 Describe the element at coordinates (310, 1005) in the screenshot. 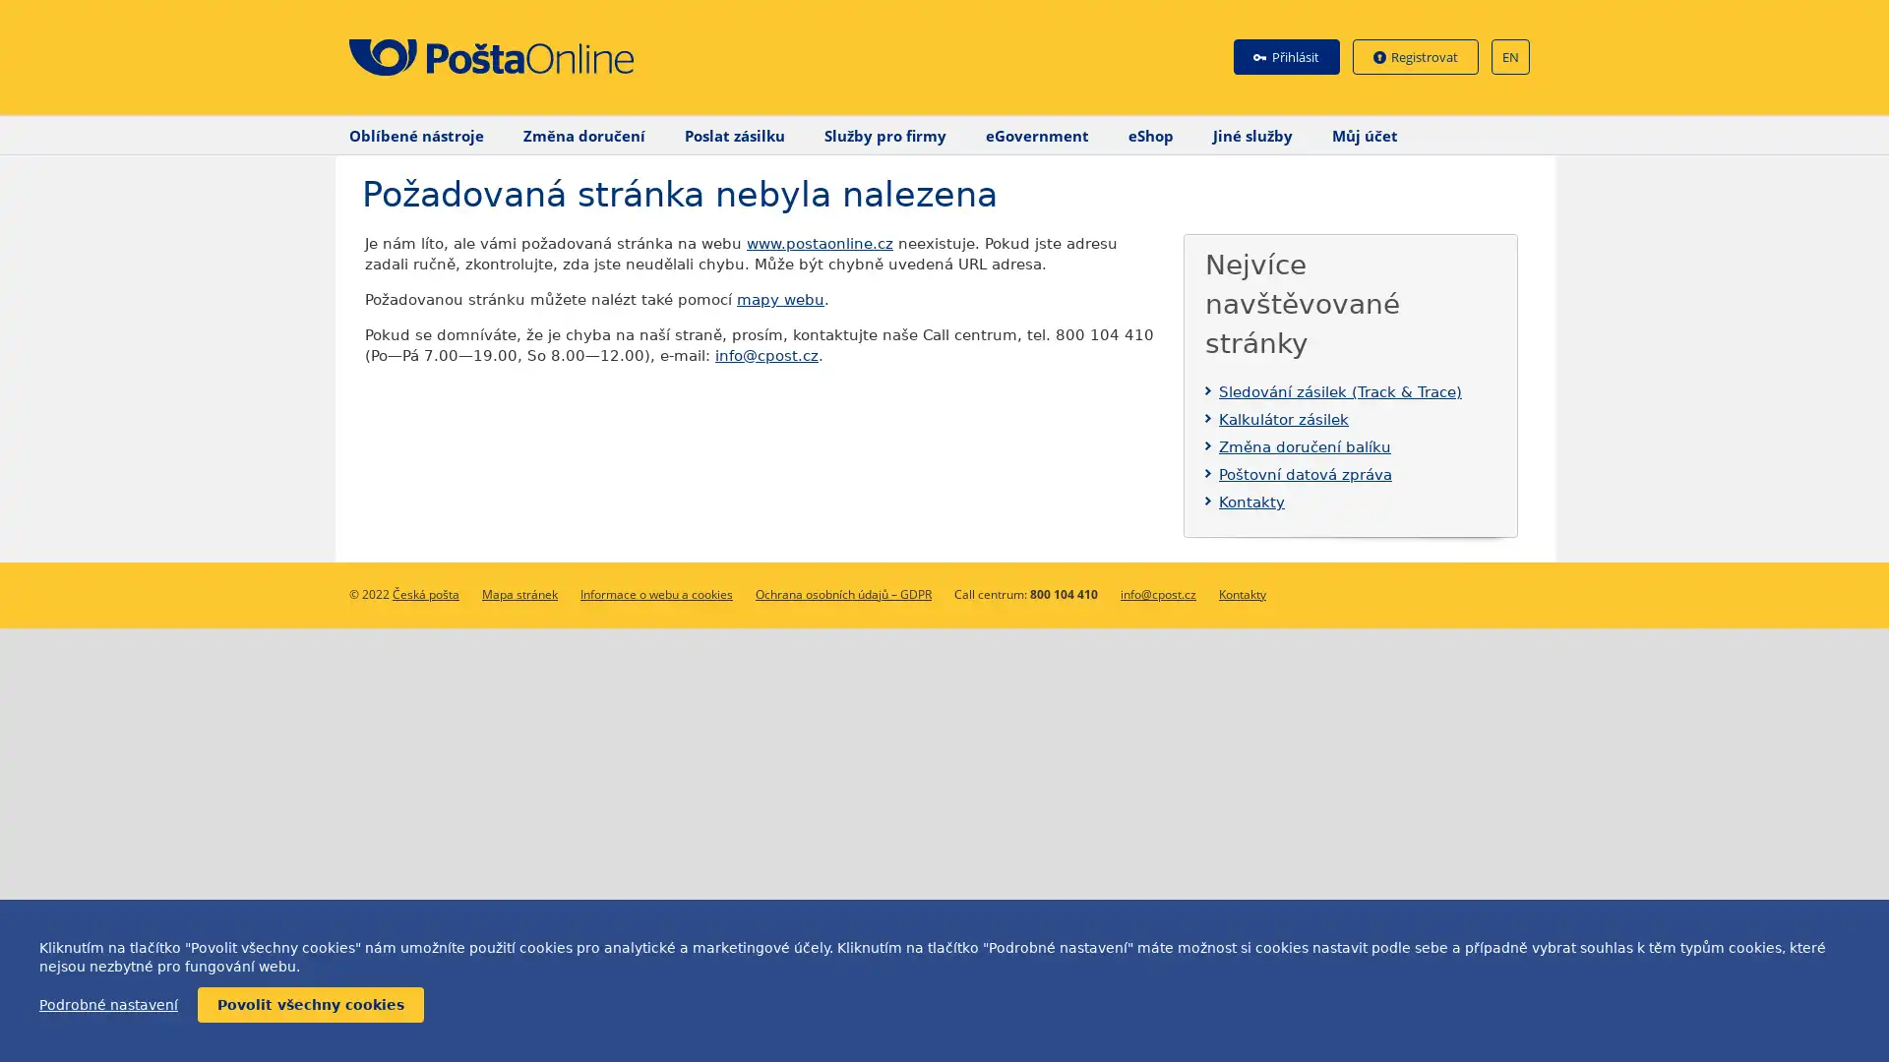

I see `Povolit vsechny cookies` at that location.